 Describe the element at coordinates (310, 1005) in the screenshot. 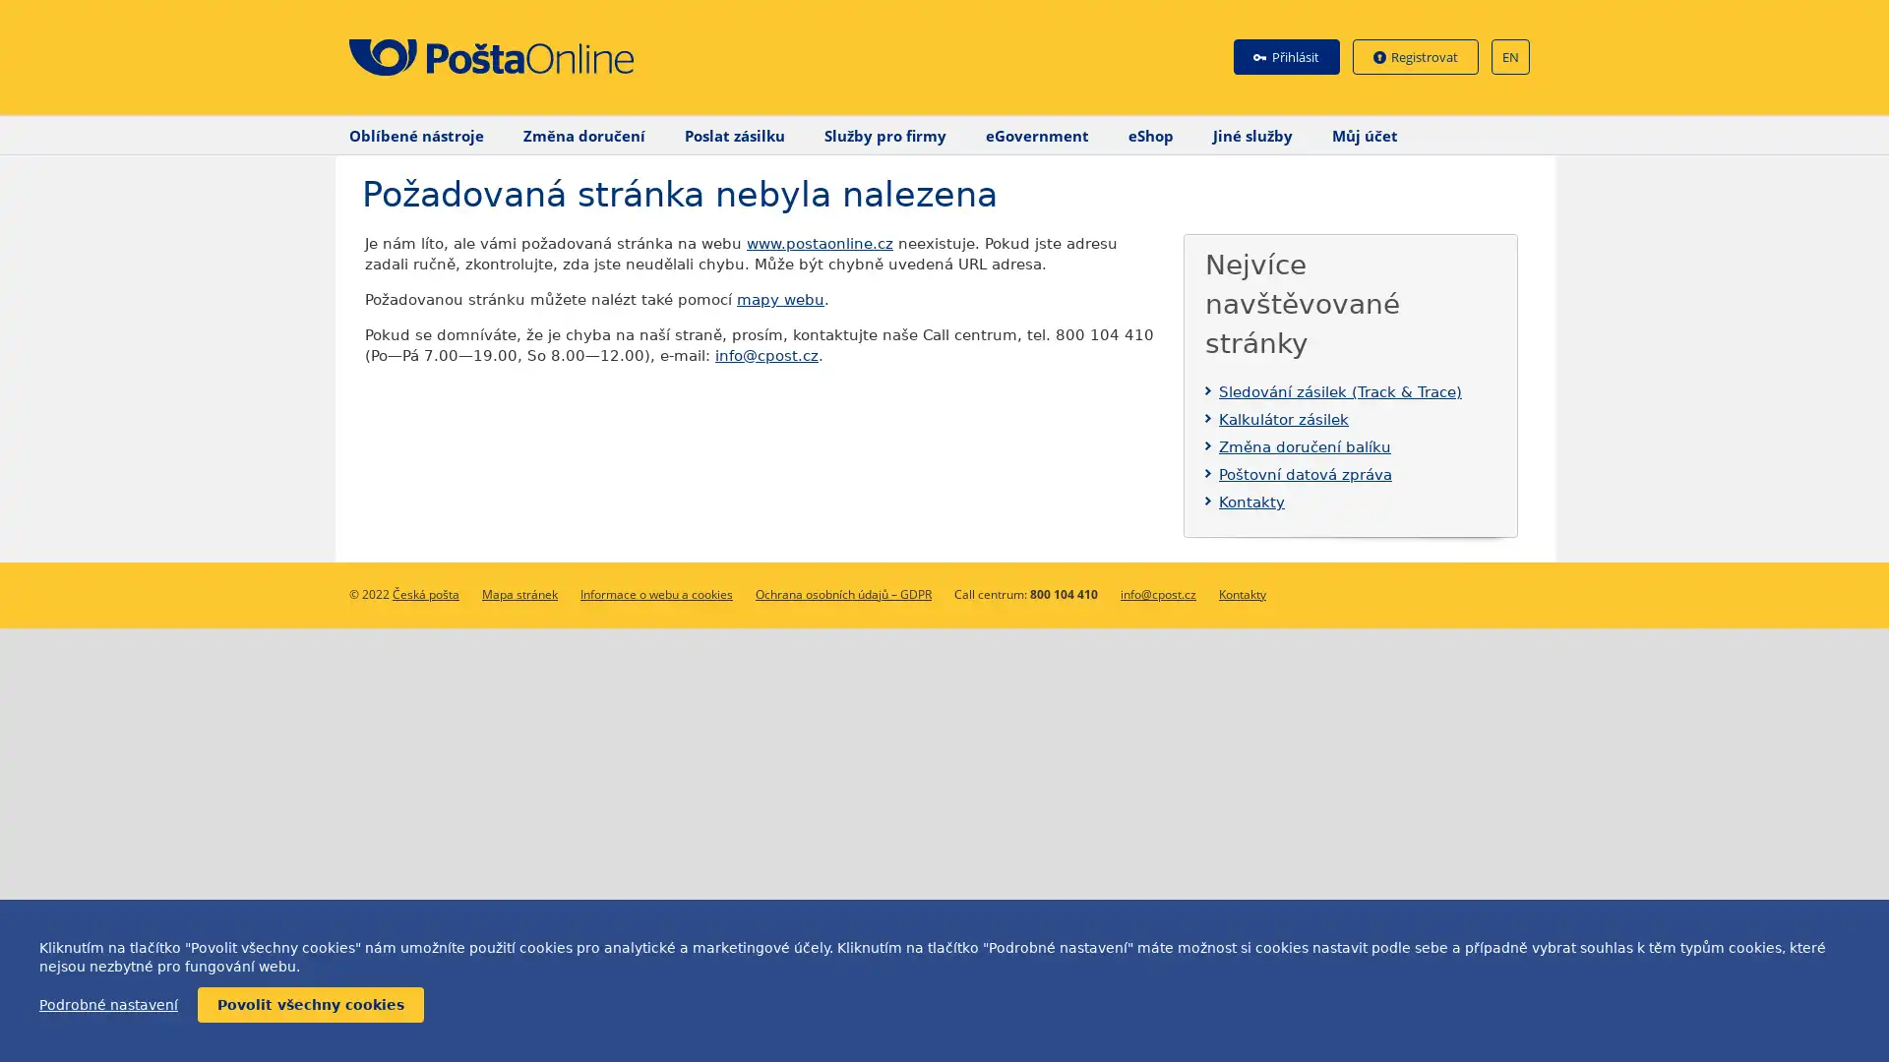

I see `Povolit vsechny cookies` at that location.